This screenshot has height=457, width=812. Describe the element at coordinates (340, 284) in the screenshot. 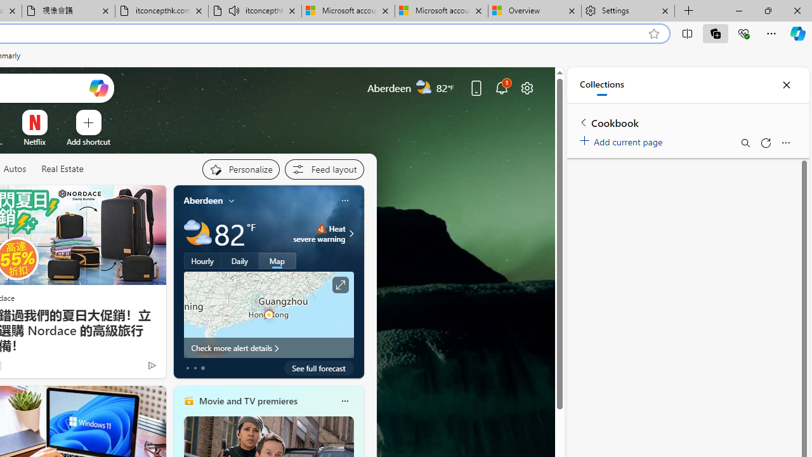

I see `'Click to see more information'` at that location.